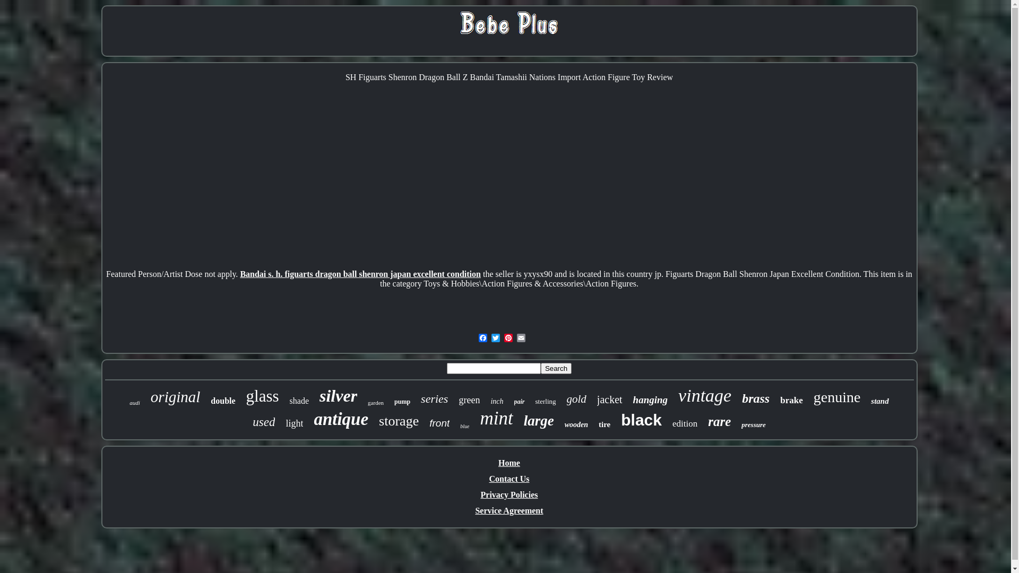 This screenshot has height=573, width=1019. Describe the element at coordinates (262, 396) in the screenshot. I see `'glass'` at that location.